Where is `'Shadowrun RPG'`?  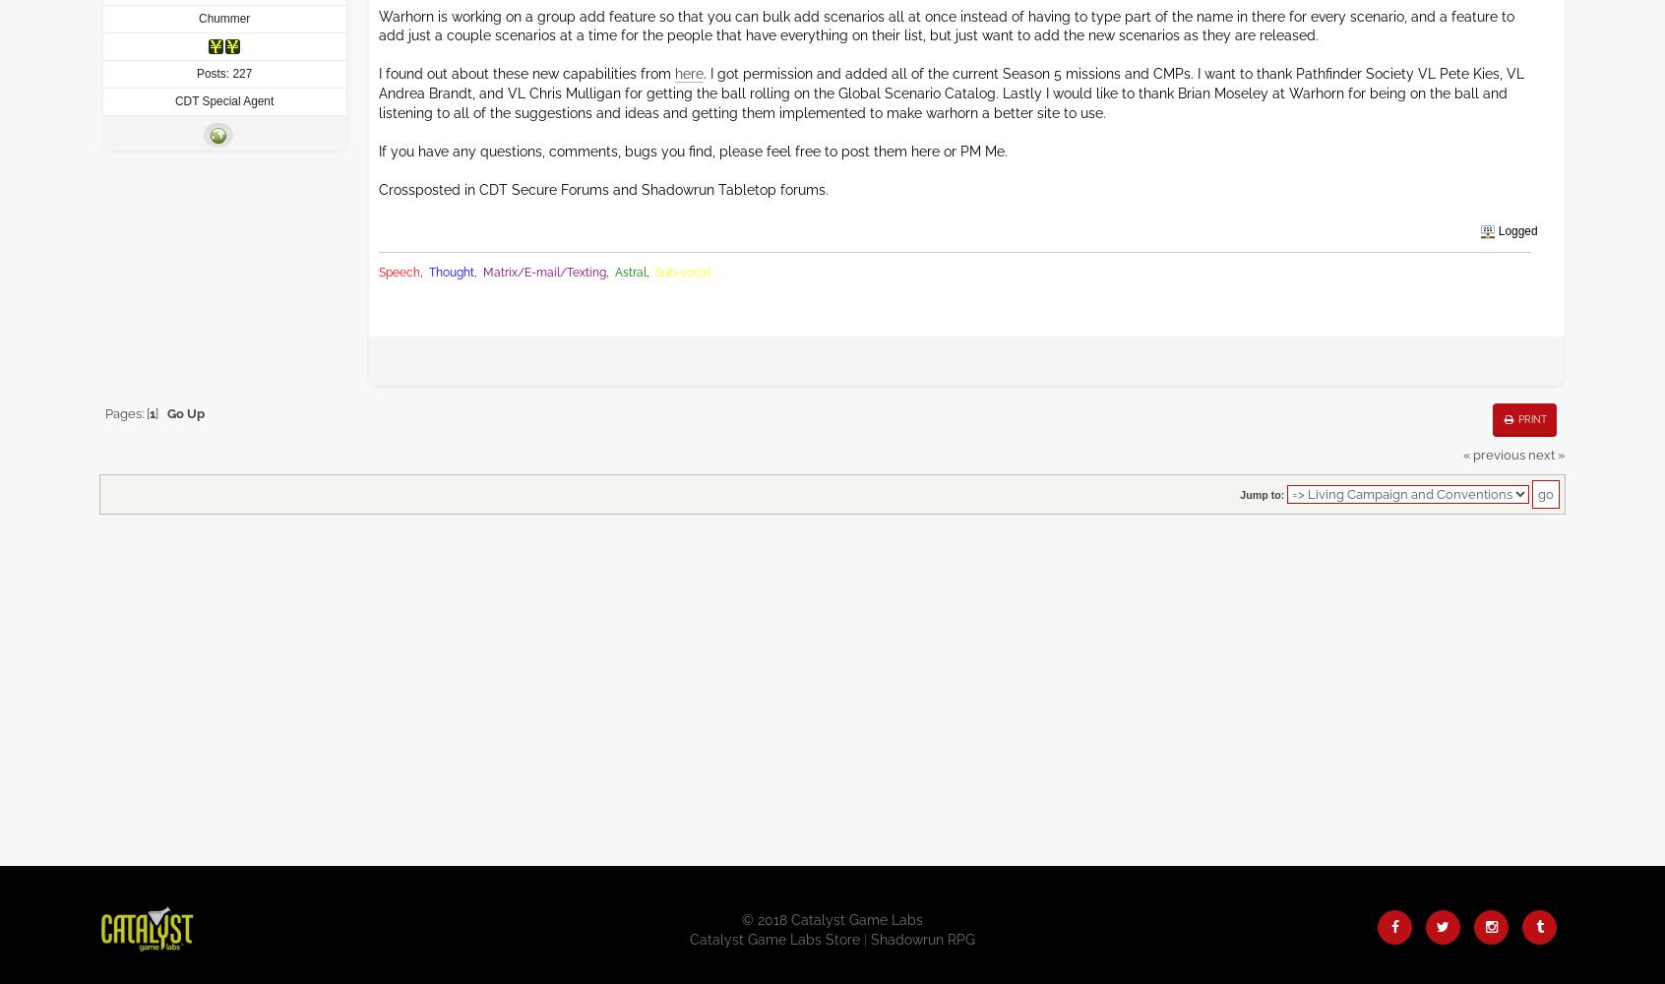
'Shadowrun RPG' is located at coordinates (869, 939).